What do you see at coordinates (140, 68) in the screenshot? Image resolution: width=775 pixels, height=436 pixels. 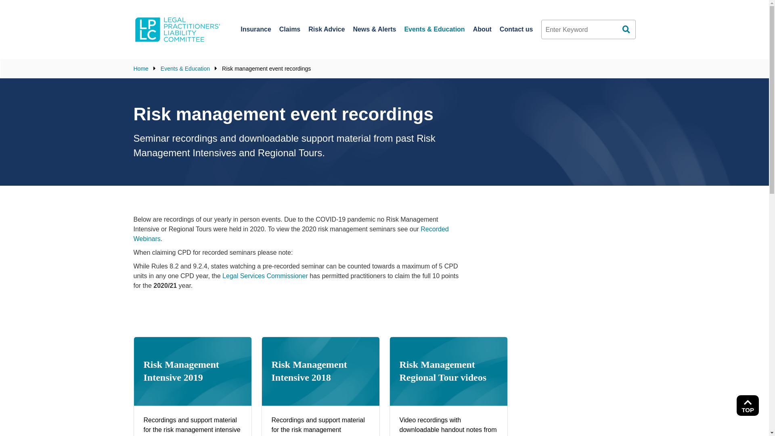 I see `'Home'` at bounding box center [140, 68].